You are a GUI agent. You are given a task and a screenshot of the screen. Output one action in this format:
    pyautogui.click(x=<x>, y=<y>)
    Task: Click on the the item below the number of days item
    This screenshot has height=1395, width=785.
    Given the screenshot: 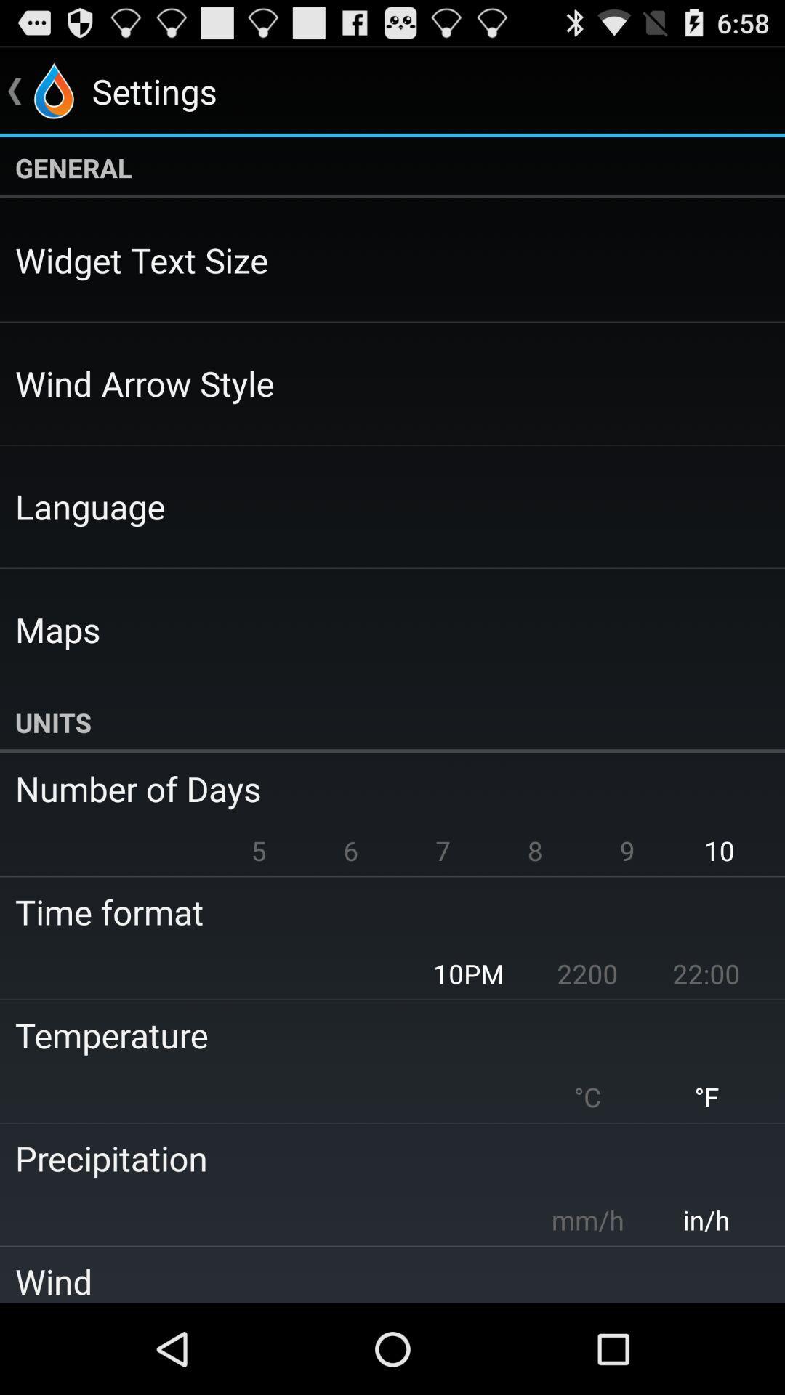 What is the action you would take?
    pyautogui.click(x=443, y=850)
    